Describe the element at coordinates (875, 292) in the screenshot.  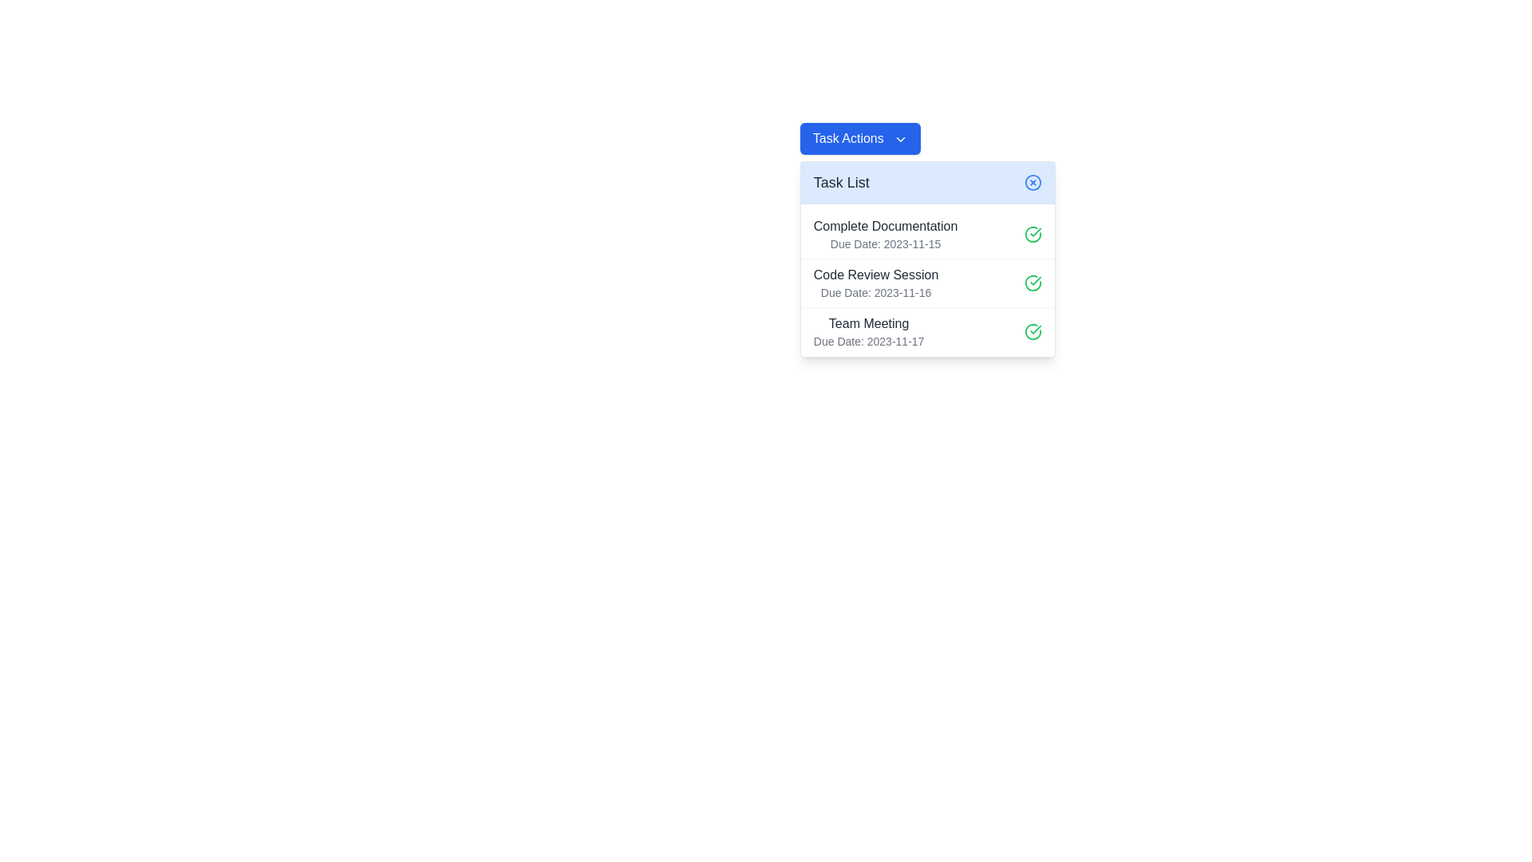
I see `due date displayed in the text label showing 'Due Date: 2023-11-16', which is styled with a smaller font size and gray color, located directly beneath the header 'Code Review Session'` at that location.